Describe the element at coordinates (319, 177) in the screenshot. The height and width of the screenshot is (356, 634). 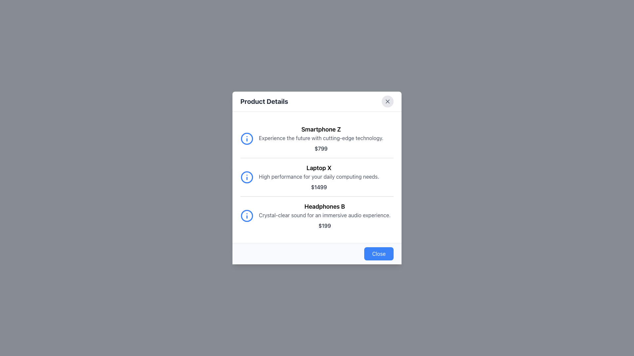
I see `the text in the product information block that follows 'Smartphone Z' and precedes 'Headphones B' in the vertically aligned list` at that location.